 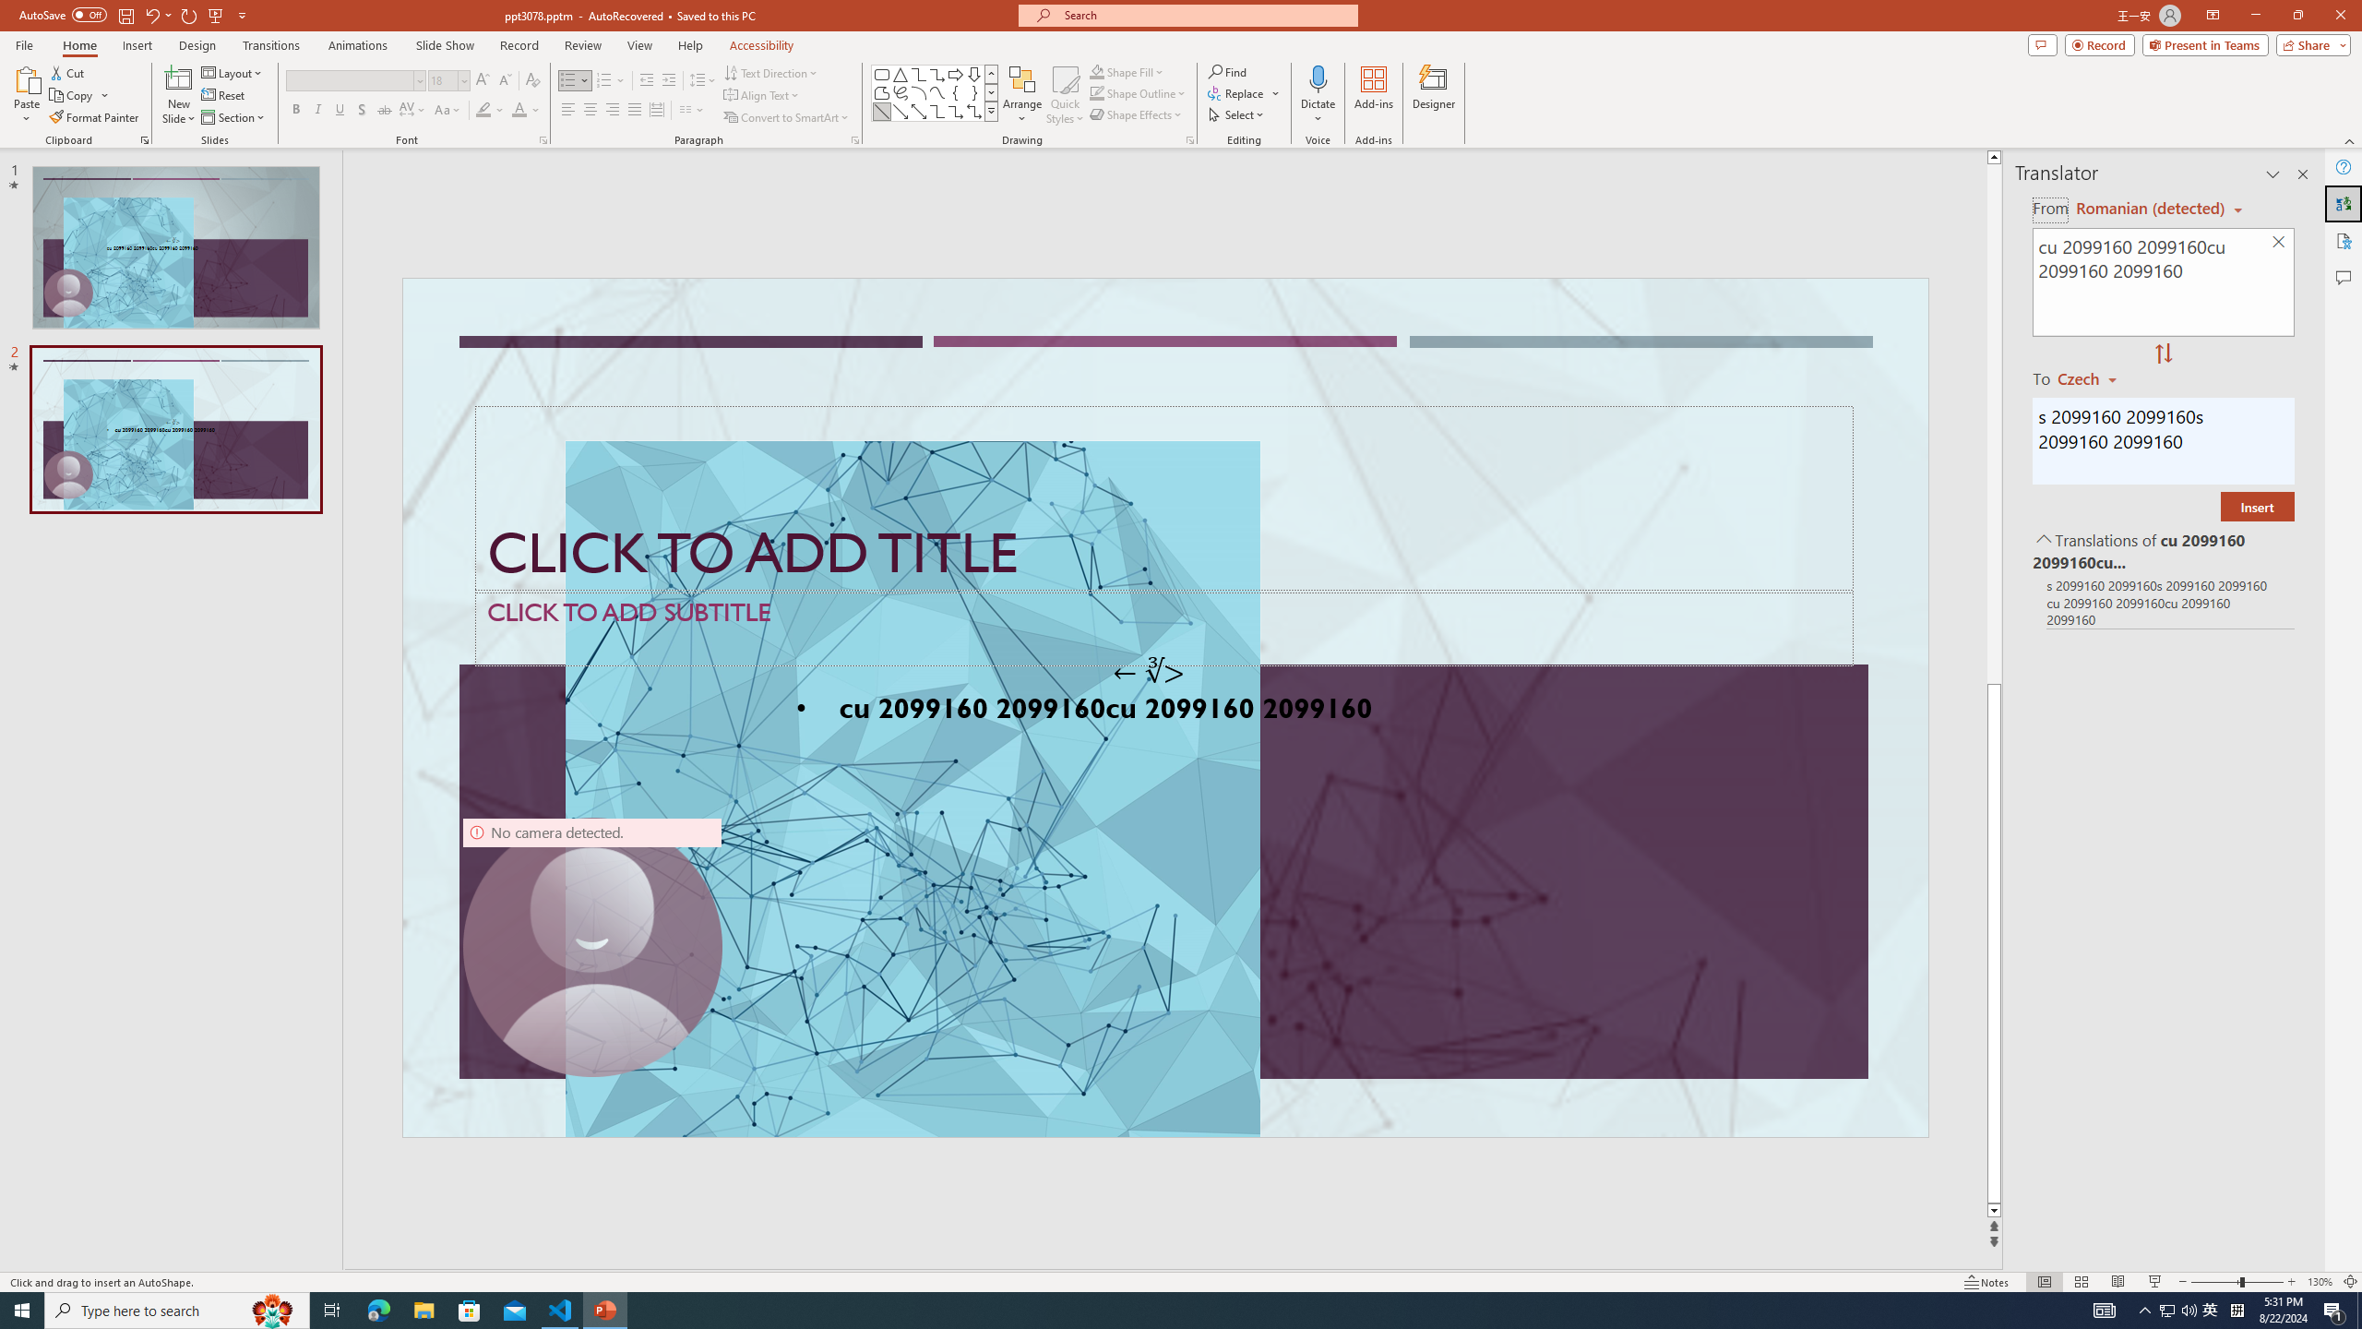 I want to click on 'Translations of cu 2099160 2099160cu 2099160 2099160', so click(x=2162, y=549).